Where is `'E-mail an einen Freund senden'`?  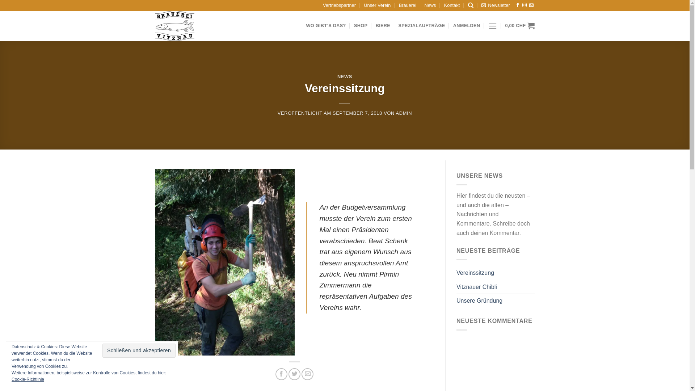
'E-mail an einen Freund senden' is located at coordinates (307, 374).